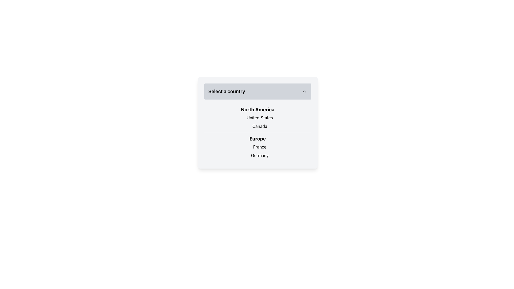 Image resolution: width=514 pixels, height=289 pixels. What do you see at coordinates (258, 118) in the screenshot?
I see `the 'United States' option within the 'North America' dropdown list group, which is positioned centrally within the dropdown menu below the 'Select a country' button` at bounding box center [258, 118].